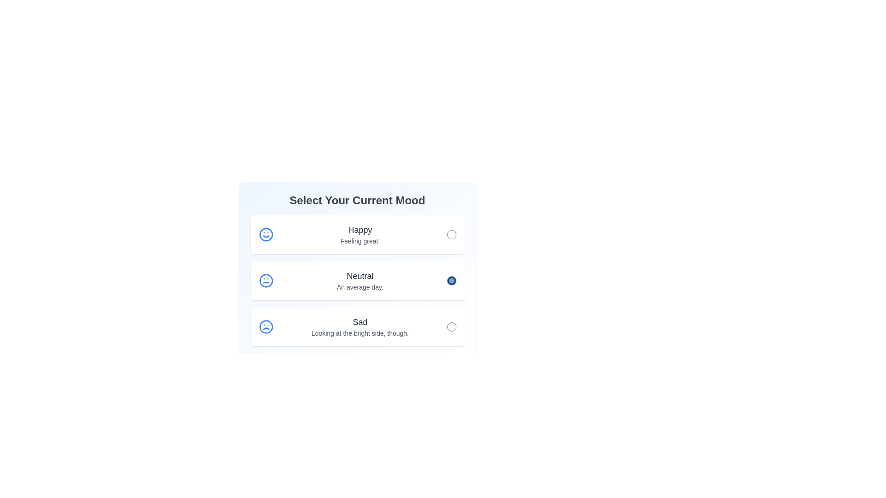 The image size is (886, 498). Describe the element at coordinates (357, 234) in the screenshot. I see `the first radio button option card in the mood selection interface` at that location.